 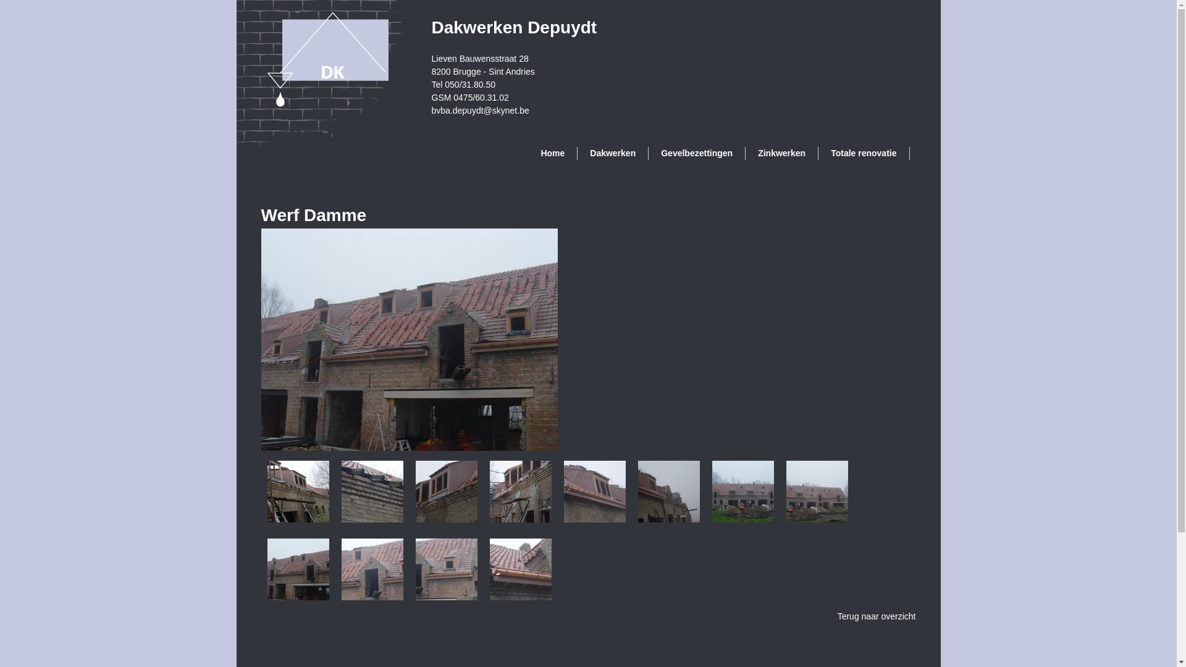 I want to click on 'Zinkwerken', so click(x=781, y=153).